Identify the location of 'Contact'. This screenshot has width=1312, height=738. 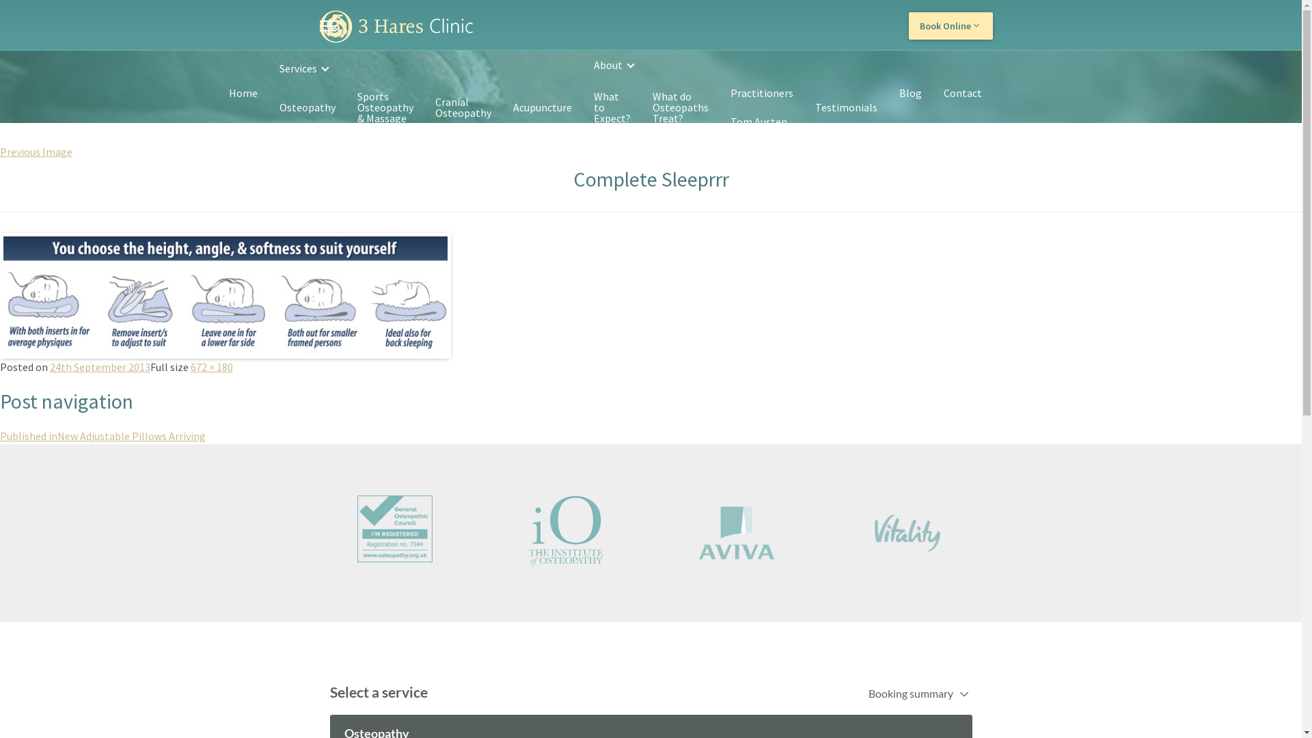
(961, 93).